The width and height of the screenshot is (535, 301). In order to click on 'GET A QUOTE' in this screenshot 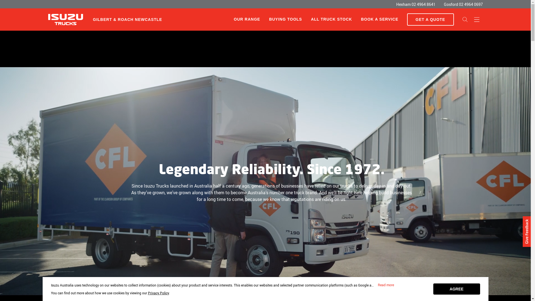, I will do `click(430, 19)`.